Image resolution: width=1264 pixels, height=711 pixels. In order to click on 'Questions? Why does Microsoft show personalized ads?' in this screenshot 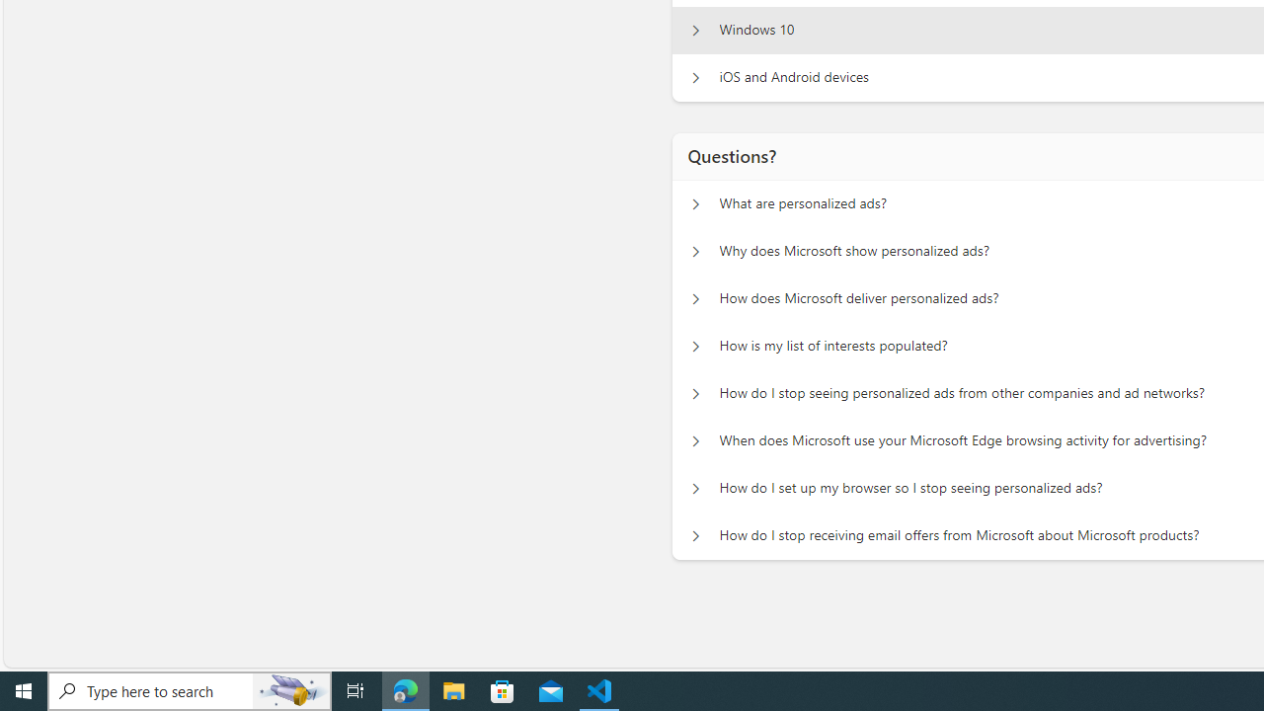, I will do `click(695, 251)`.